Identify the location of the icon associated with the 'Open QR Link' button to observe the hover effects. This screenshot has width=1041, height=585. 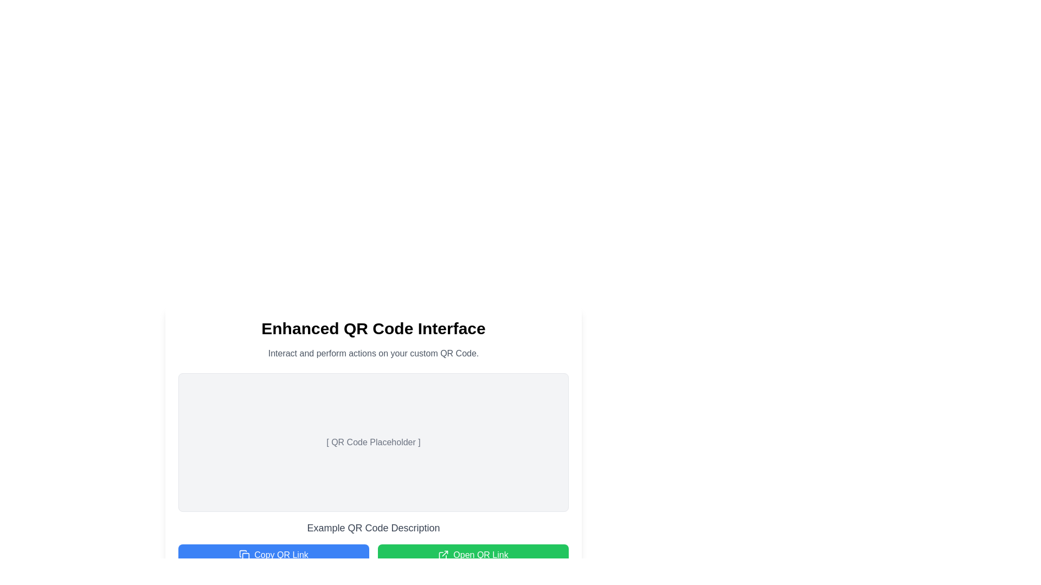
(444, 555).